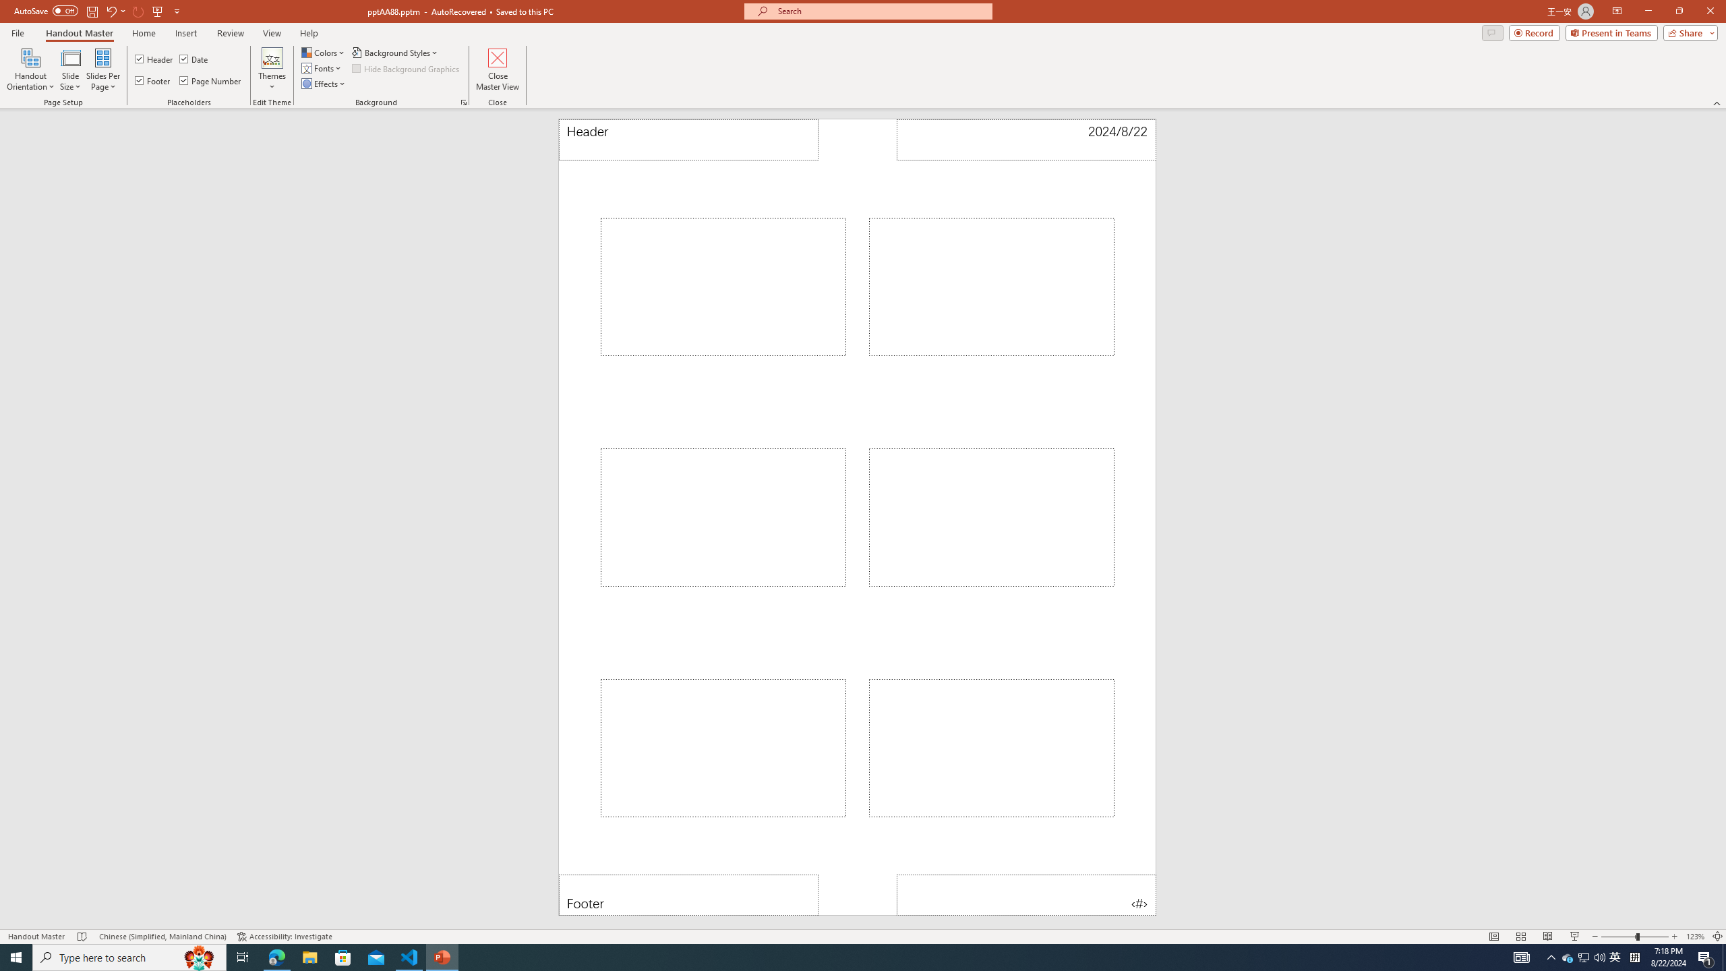 The image size is (1726, 971). What do you see at coordinates (1696, 937) in the screenshot?
I see `'Zoom 123%'` at bounding box center [1696, 937].